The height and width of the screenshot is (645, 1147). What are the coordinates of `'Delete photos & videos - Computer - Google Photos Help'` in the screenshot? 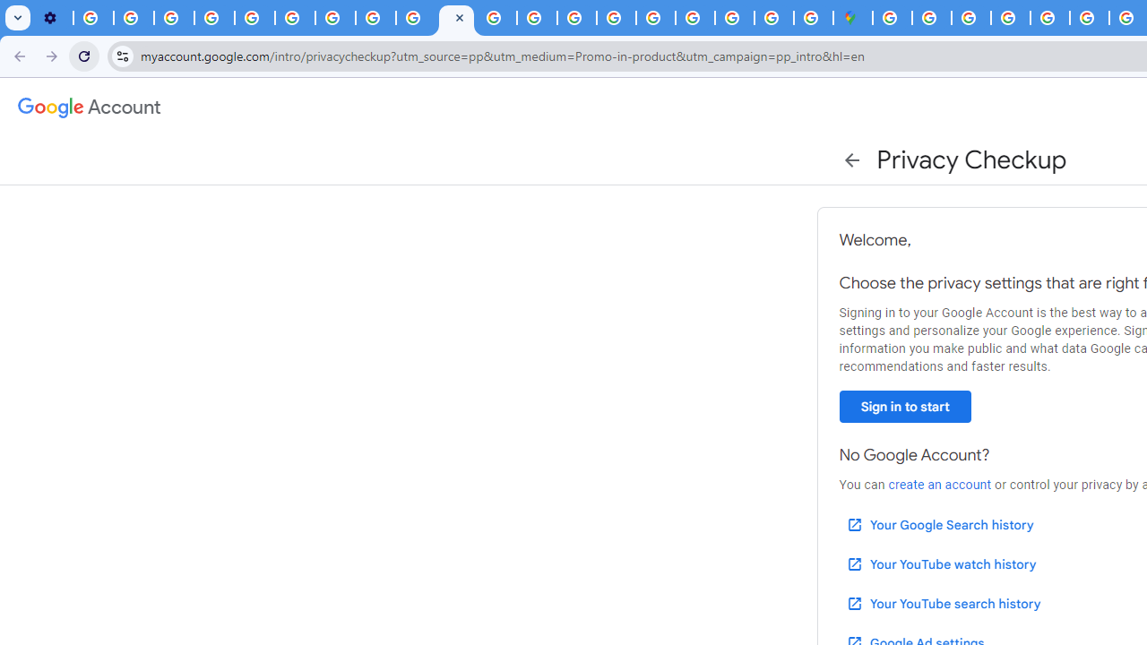 It's located at (92, 18).